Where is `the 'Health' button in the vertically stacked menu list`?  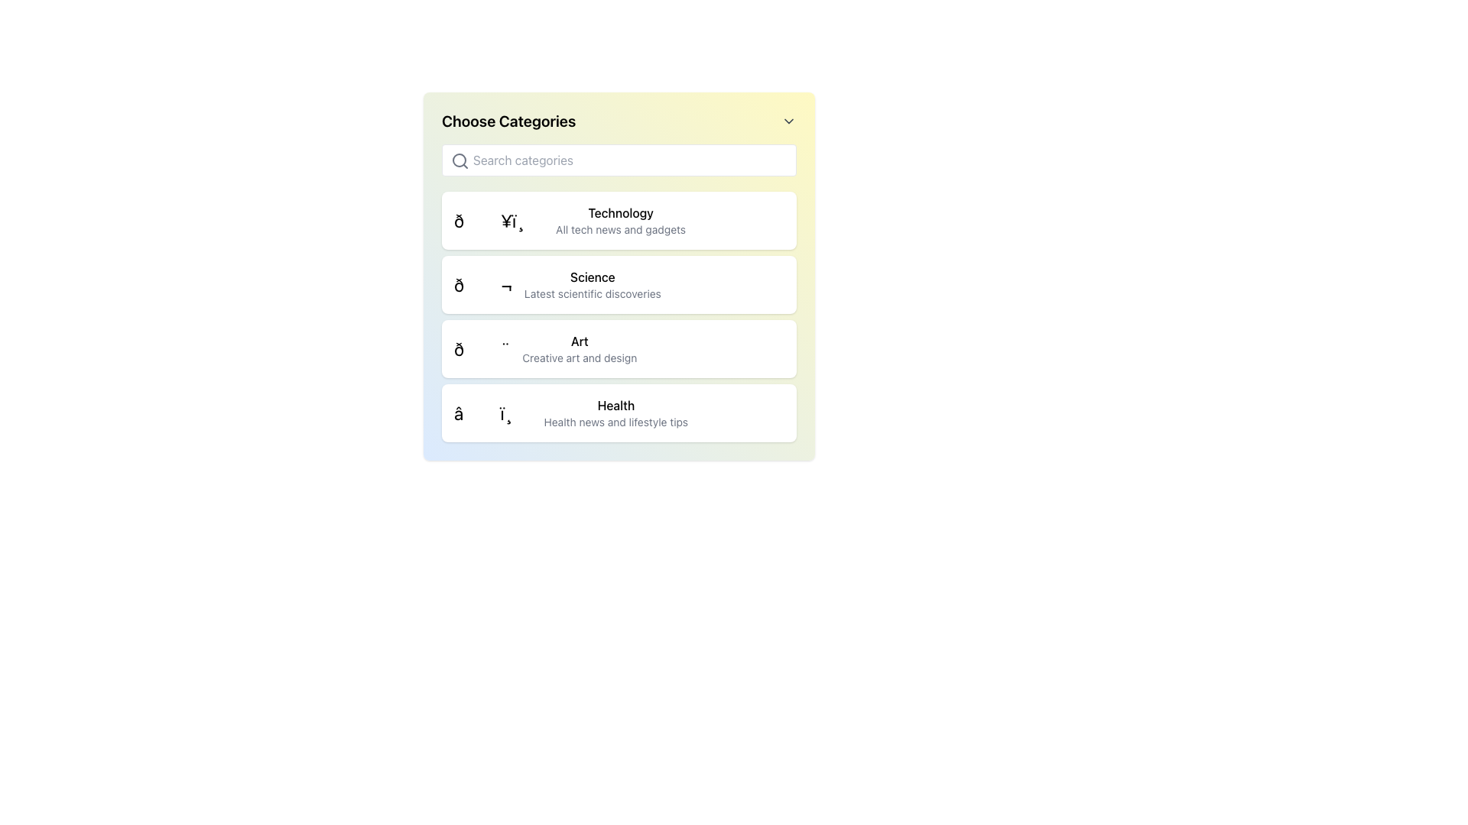
the 'Health' button in the vertically stacked menu list is located at coordinates (619, 412).